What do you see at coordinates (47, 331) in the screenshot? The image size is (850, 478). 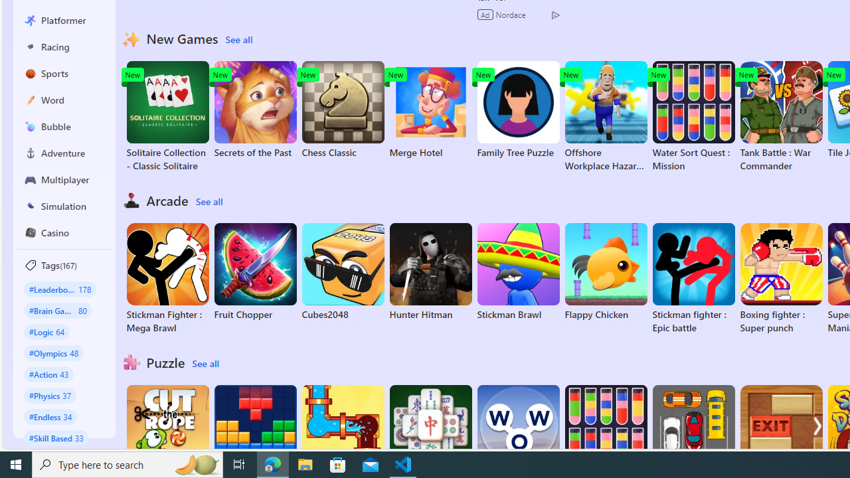 I see `'#Logic 64'` at bounding box center [47, 331].